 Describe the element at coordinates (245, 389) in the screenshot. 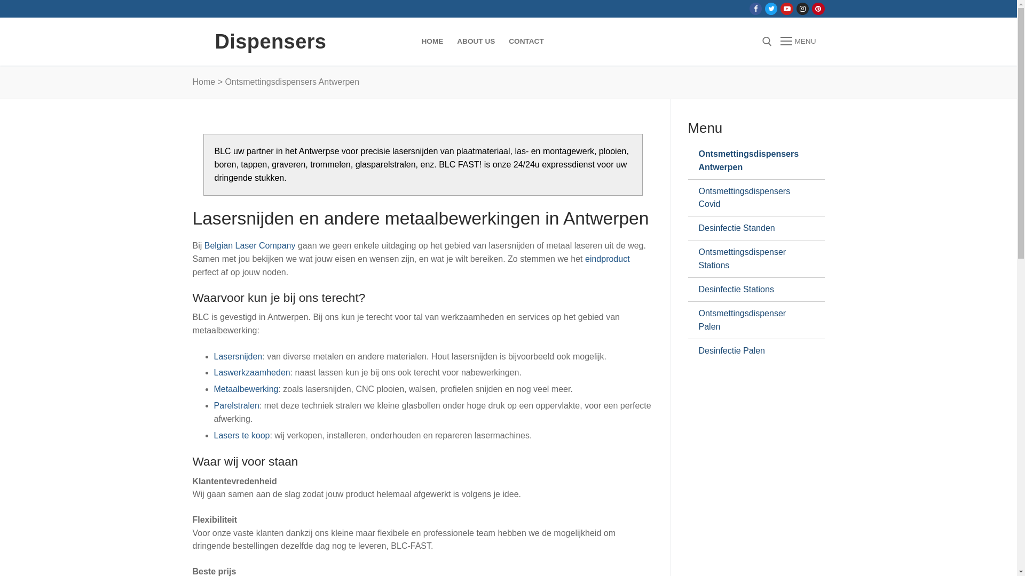

I see `'Metaalbewerking'` at that location.